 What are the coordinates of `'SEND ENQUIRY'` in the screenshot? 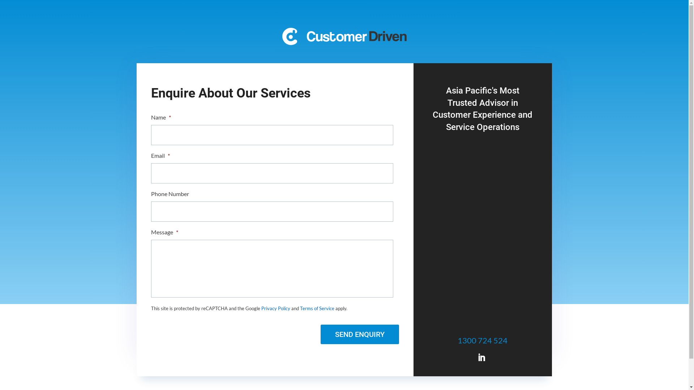 It's located at (320, 334).